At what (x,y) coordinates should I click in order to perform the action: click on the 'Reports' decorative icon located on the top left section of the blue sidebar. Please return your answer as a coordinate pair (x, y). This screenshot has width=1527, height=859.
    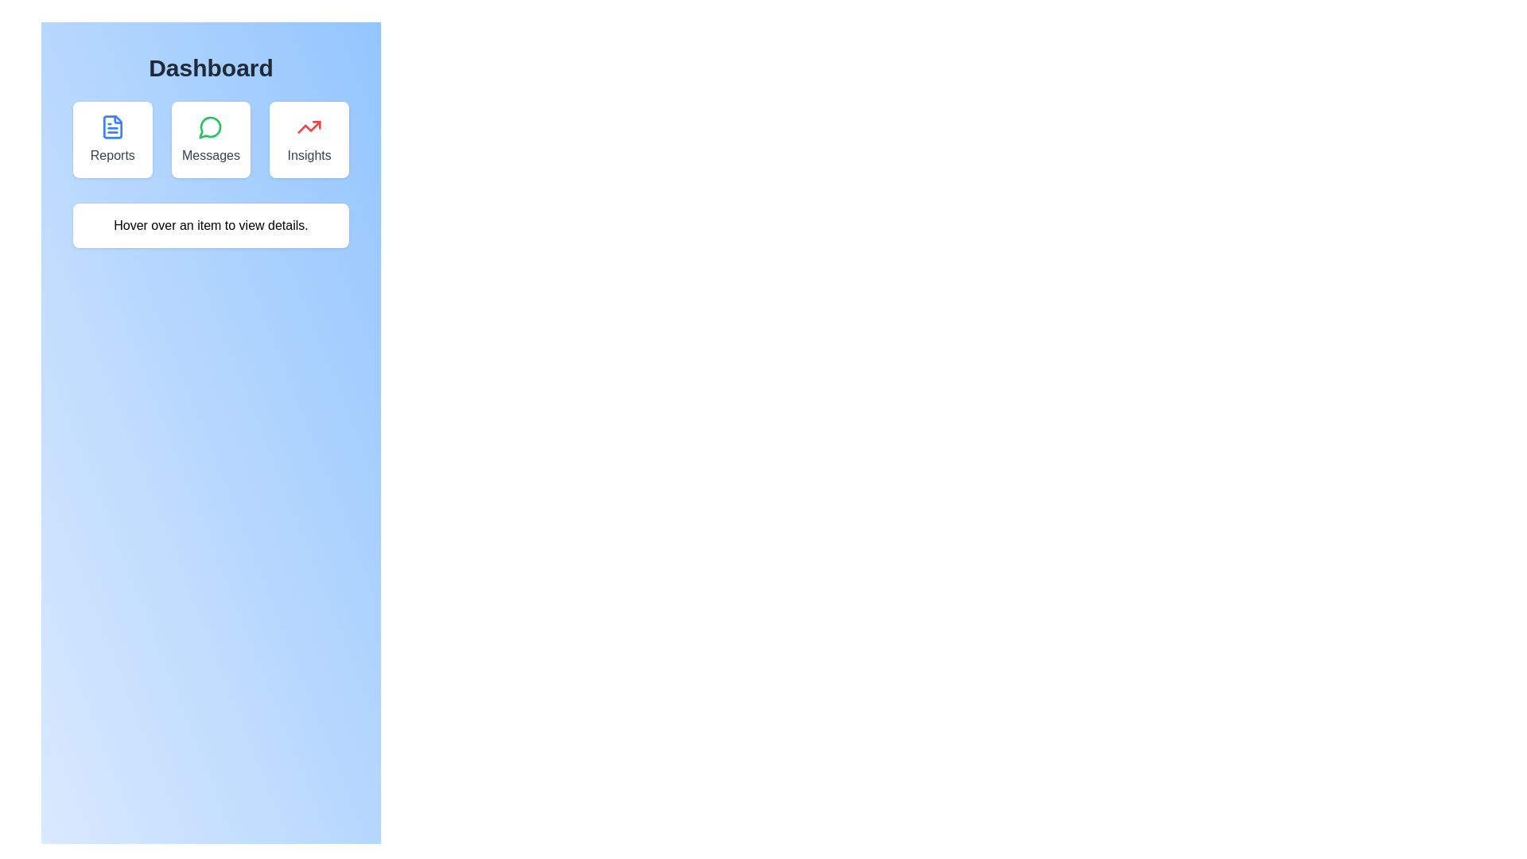
    Looking at the image, I should click on (111, 126).